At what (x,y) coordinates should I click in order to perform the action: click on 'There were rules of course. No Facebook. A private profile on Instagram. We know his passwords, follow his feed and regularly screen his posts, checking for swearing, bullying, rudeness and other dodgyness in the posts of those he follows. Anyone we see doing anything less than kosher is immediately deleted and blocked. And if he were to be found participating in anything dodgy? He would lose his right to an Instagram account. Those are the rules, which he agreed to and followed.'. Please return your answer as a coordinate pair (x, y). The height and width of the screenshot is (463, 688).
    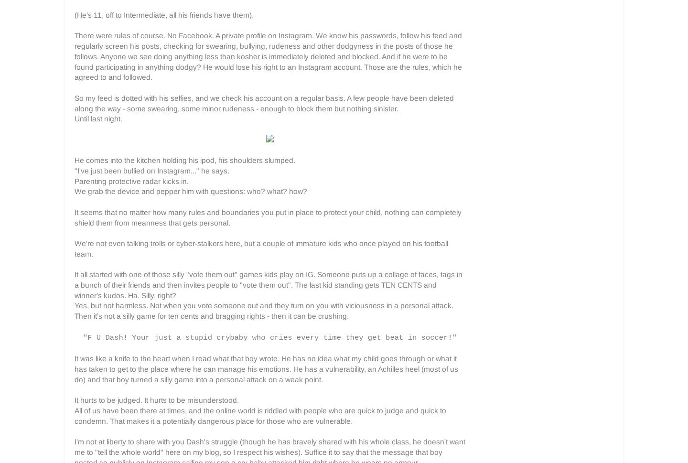
    Looking at the image, I should click on (268, 56).